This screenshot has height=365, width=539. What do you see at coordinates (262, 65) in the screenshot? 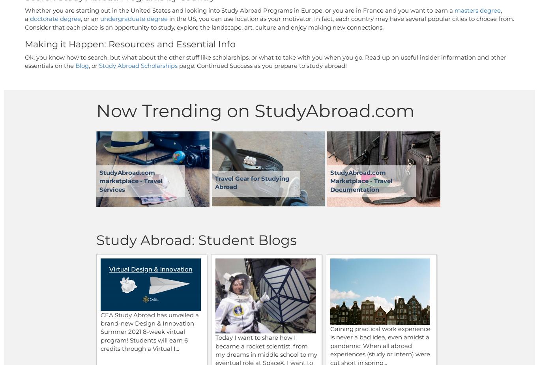
I see `'page. Continued Success as you prepare to study abroad!'` at bounding box center [262, 65].